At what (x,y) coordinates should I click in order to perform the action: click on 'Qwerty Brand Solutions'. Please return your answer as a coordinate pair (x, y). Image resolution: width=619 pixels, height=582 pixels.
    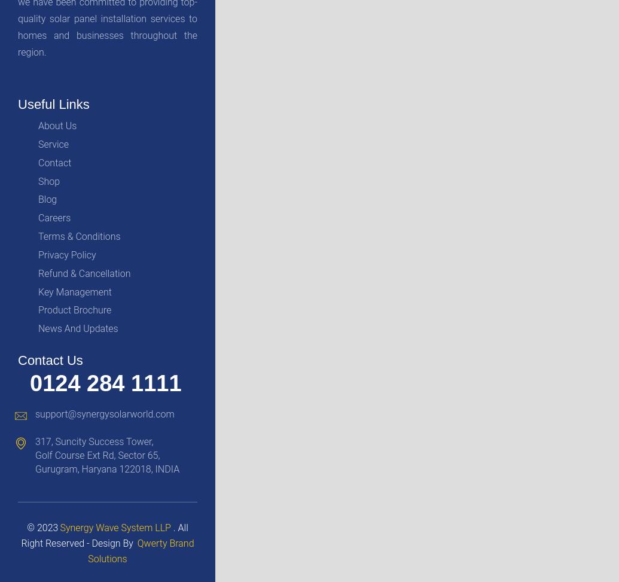
    Looking at the image, I should click on (141, 550).